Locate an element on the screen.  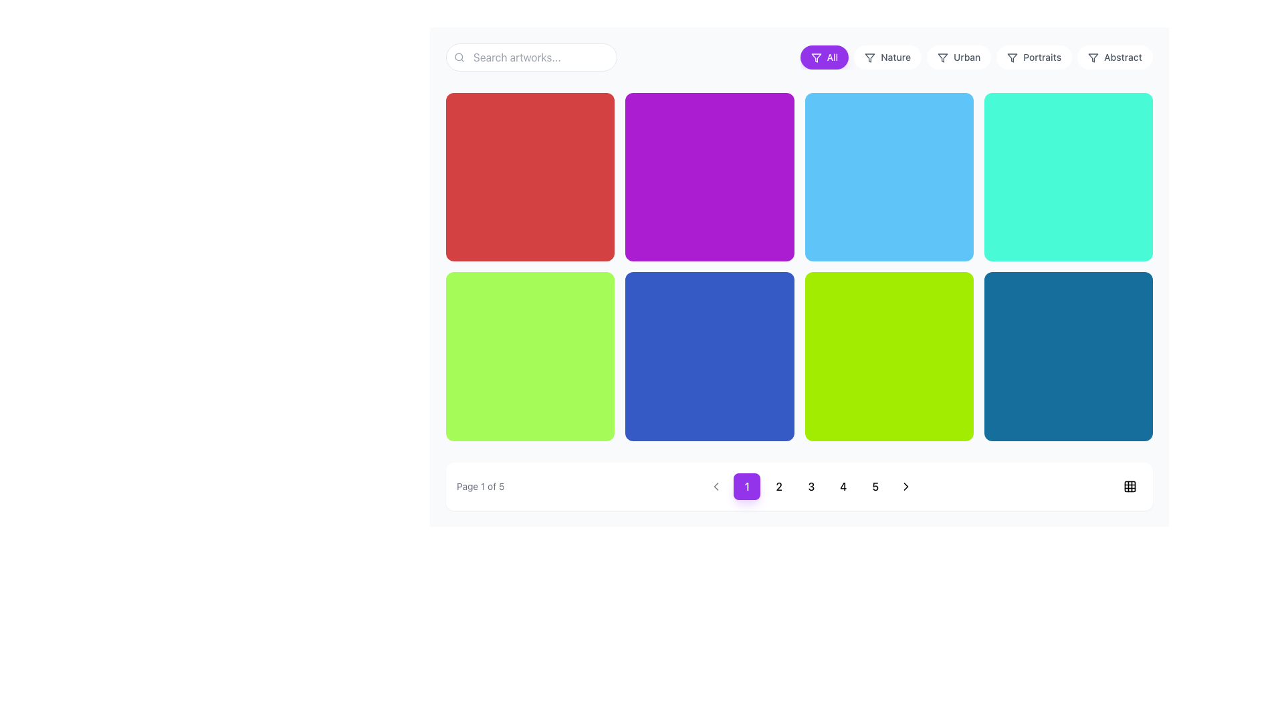
the first numerical button in the navigation control bar to jump to the first page of the paginated list is located at coordinates (746, 486).